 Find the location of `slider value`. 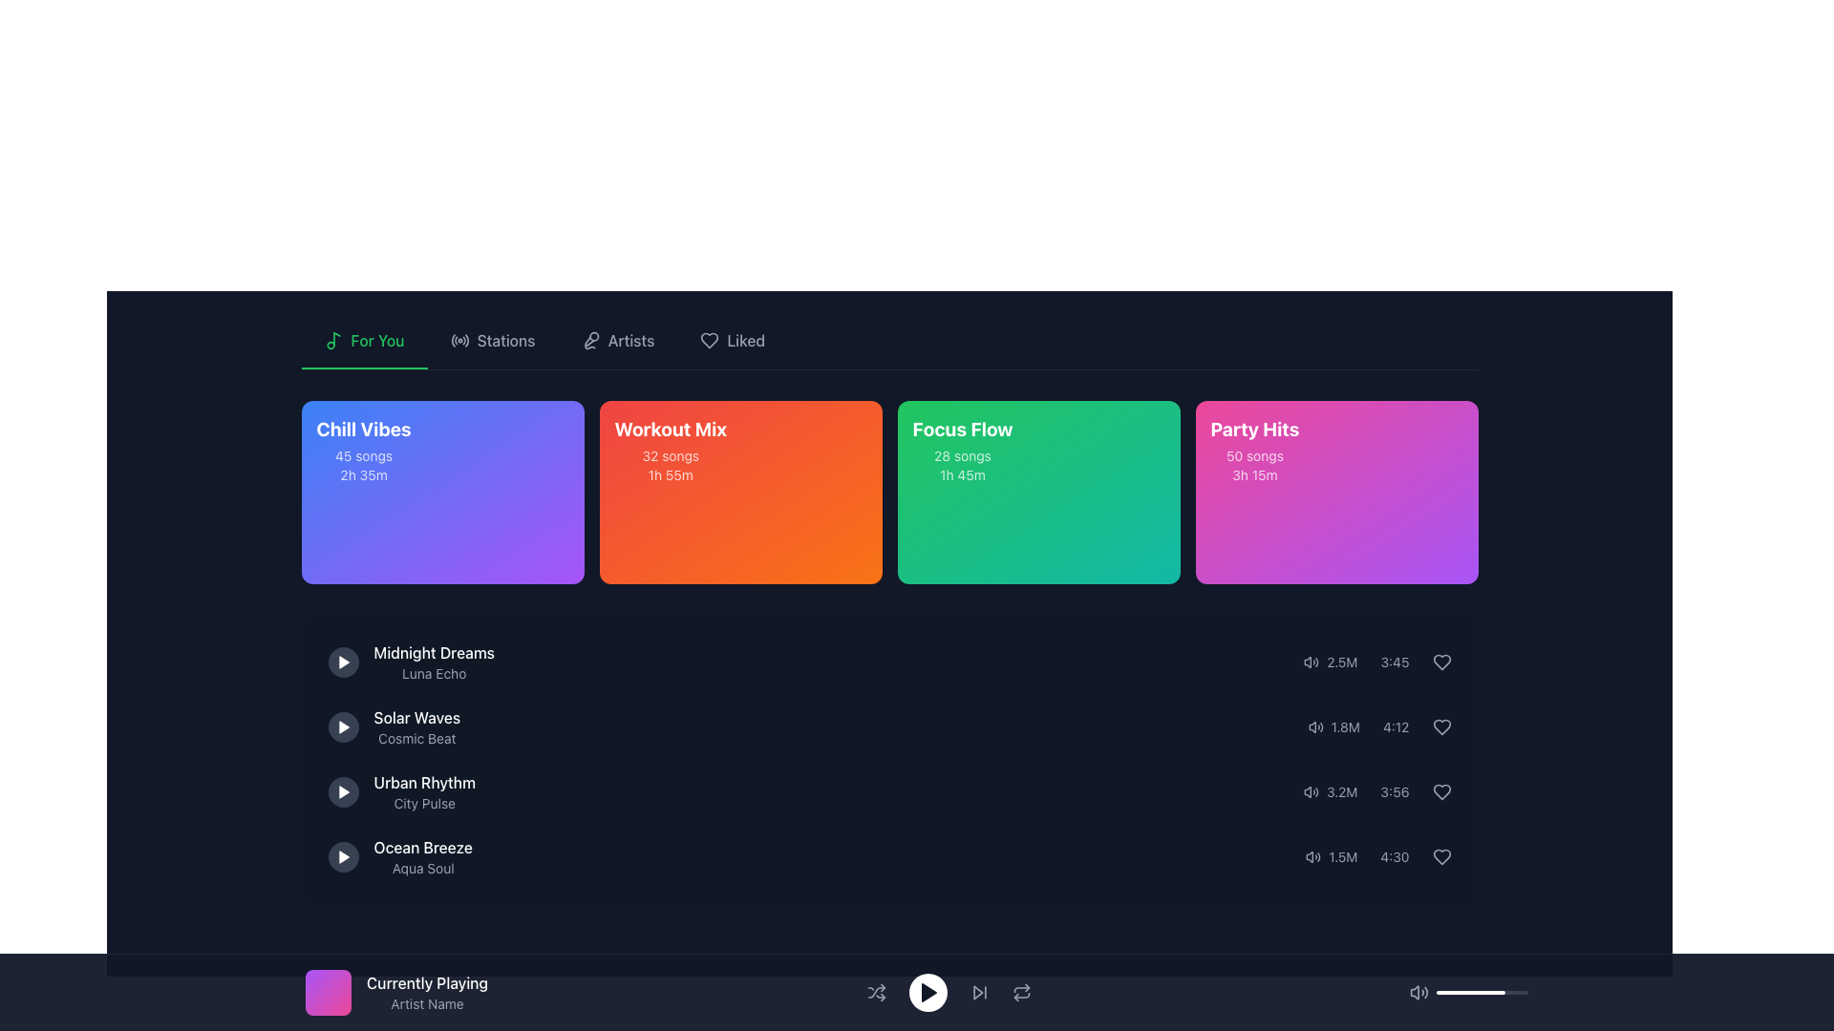

slider value is located at coordinates (1476, 992).